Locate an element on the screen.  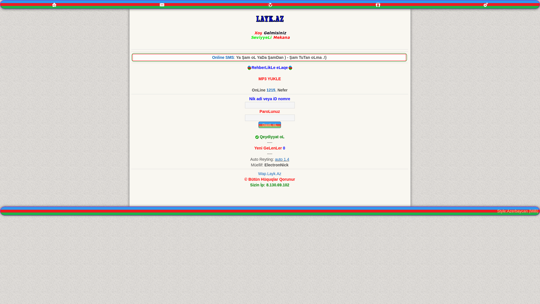
'Online SMS' is located at coordinates (222, 57).